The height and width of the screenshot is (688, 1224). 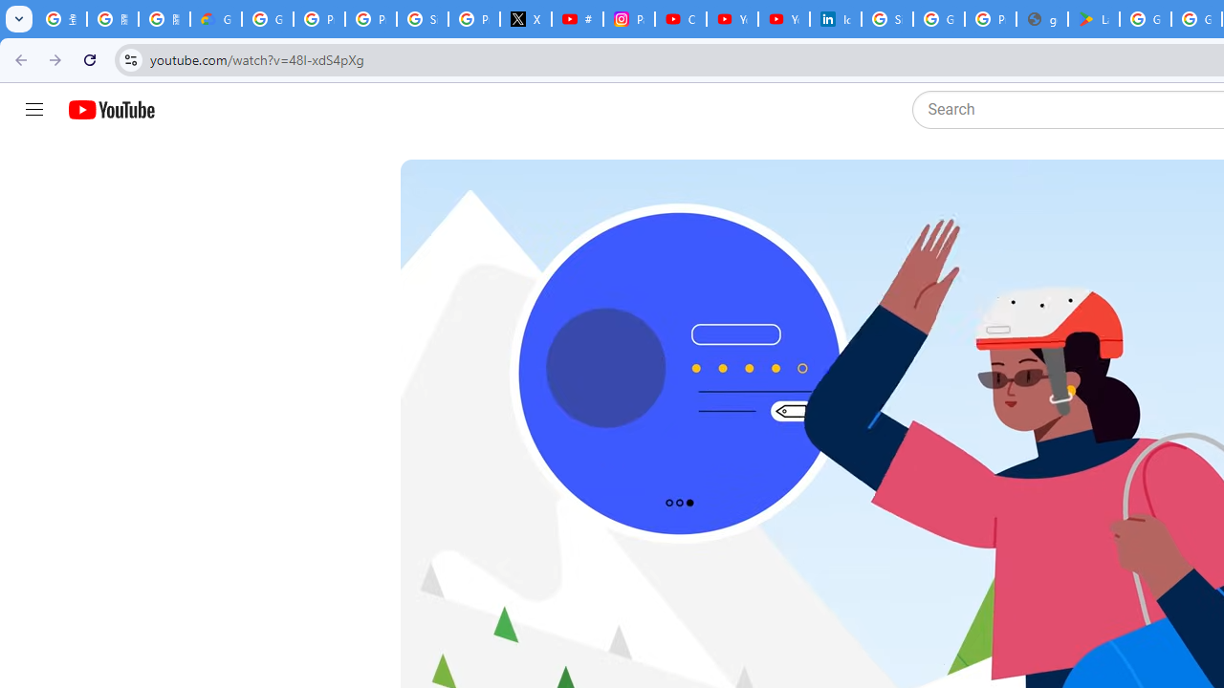 I want to click on 'YouTube Home', so click(x=110, y=110).